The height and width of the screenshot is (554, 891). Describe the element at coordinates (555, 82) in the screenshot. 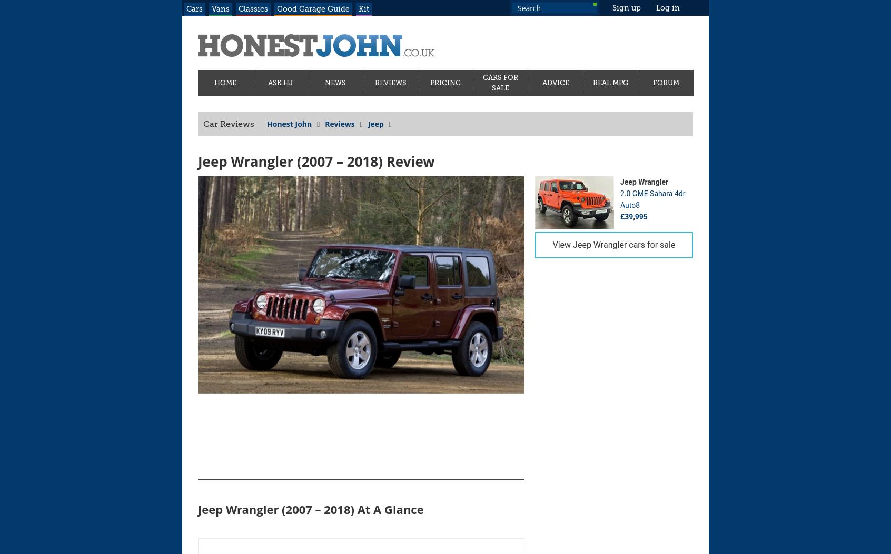

I see `'Advice'` at that location.